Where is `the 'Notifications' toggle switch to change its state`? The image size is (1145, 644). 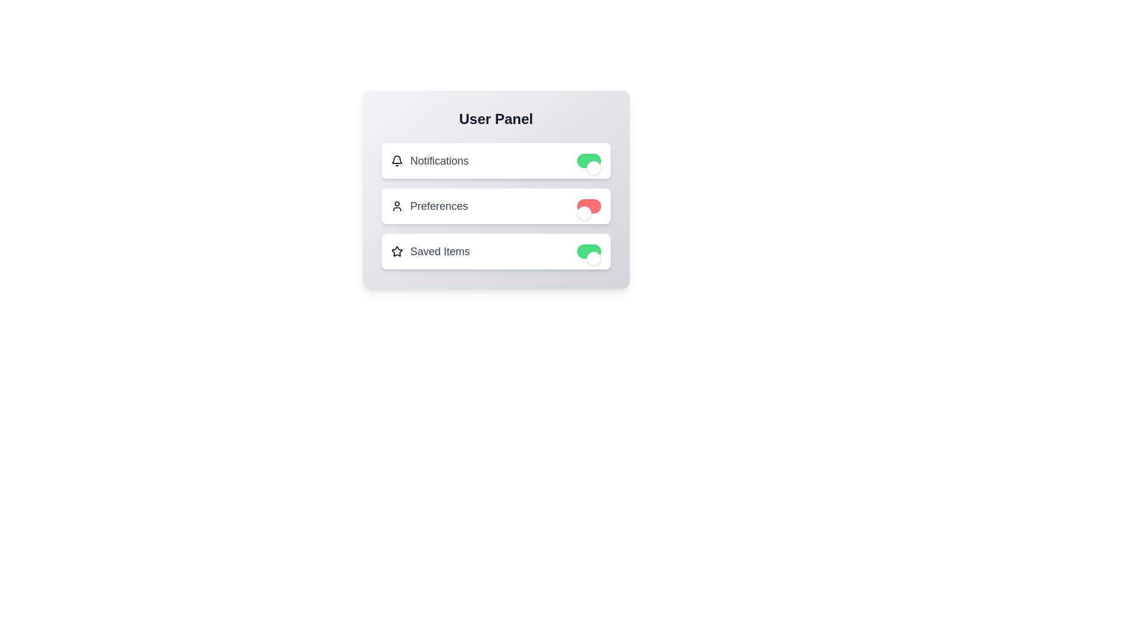 the 'Notifications' toggle switch to change its state is located at coordinates (589, 161).